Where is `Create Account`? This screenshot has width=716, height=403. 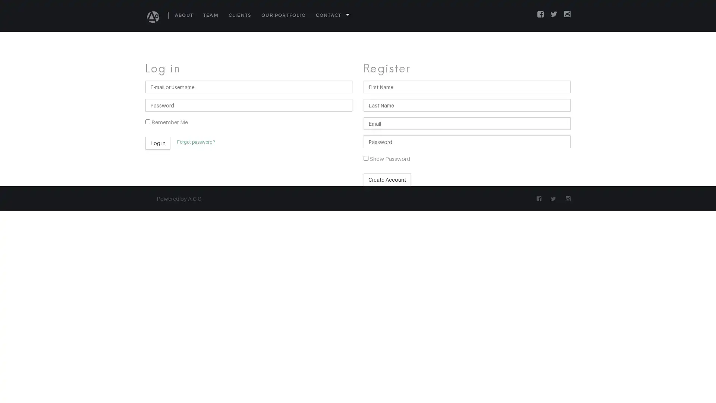
Create Account is located at coordinates (387, 180).